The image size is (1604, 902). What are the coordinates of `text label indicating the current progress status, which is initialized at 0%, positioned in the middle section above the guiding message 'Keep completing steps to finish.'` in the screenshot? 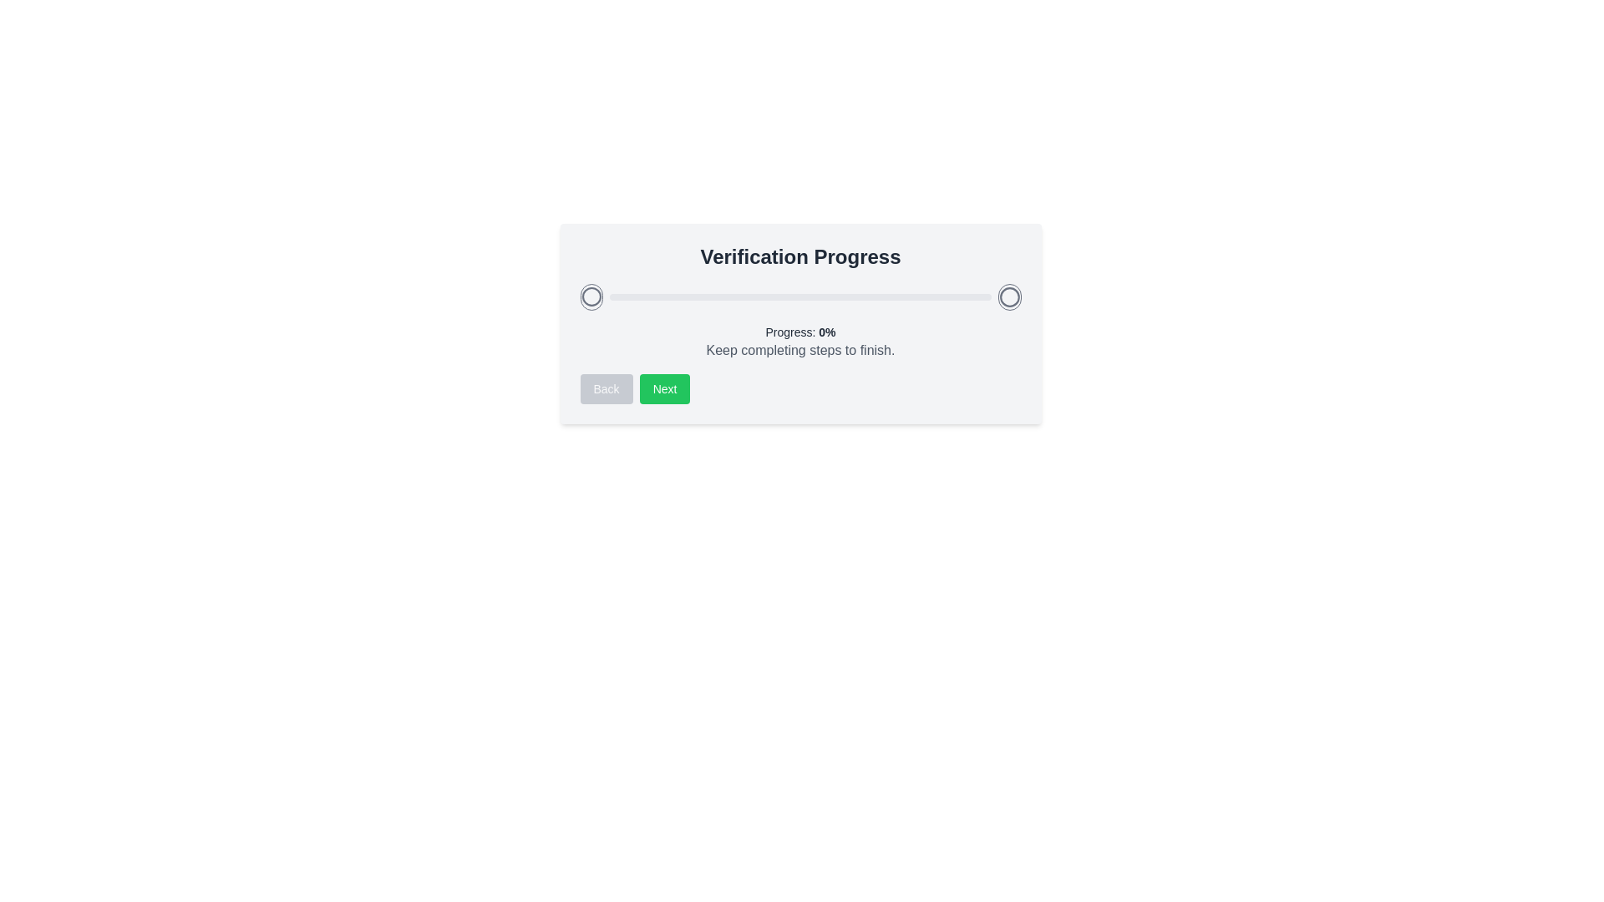 It's located at (799, 332).